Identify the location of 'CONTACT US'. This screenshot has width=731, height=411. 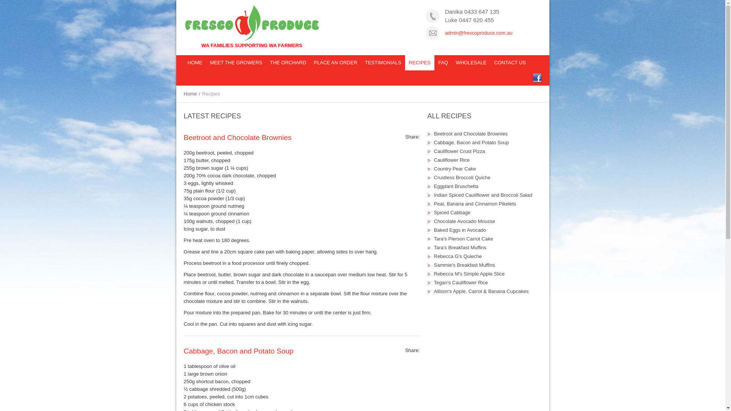
(490, 62).